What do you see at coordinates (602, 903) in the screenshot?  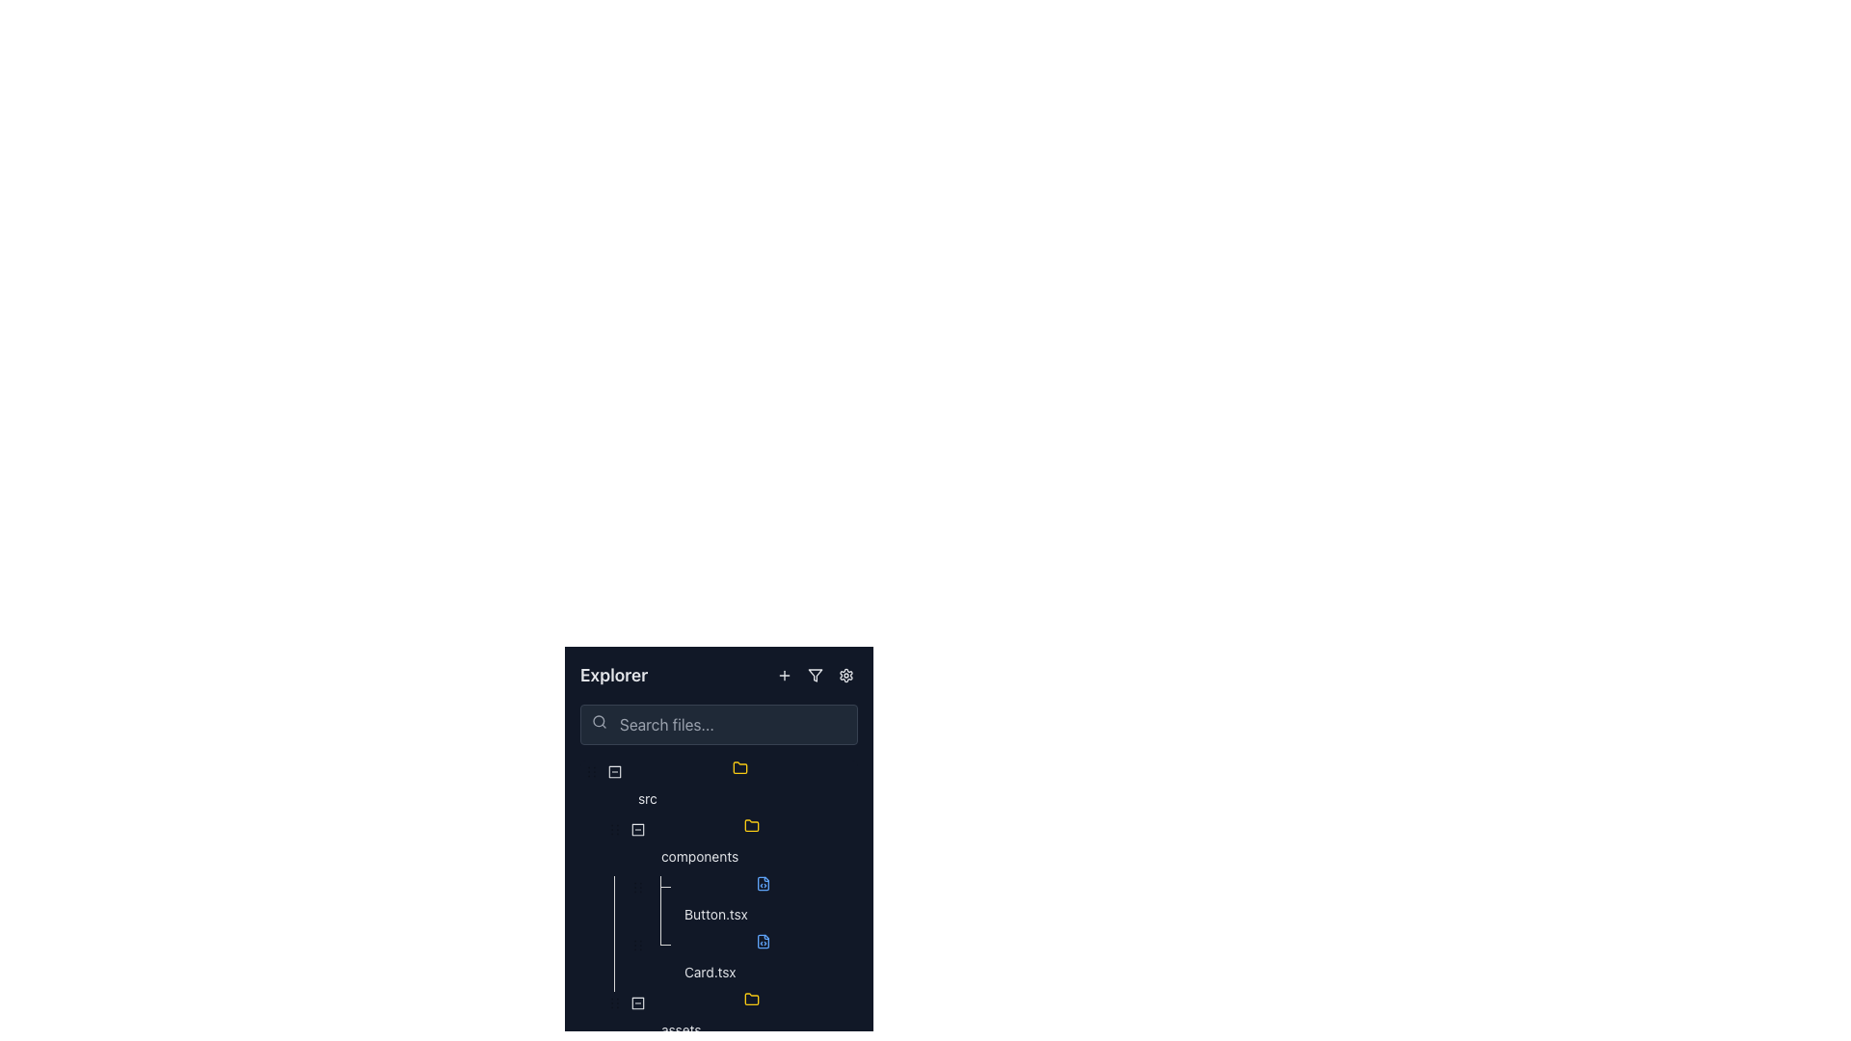 I see `indentation visual marker for the 'Button.tsx' file in the 'Explorer' panel to view additional details about its hierarchical relationship` at bounding box center [602, 903].